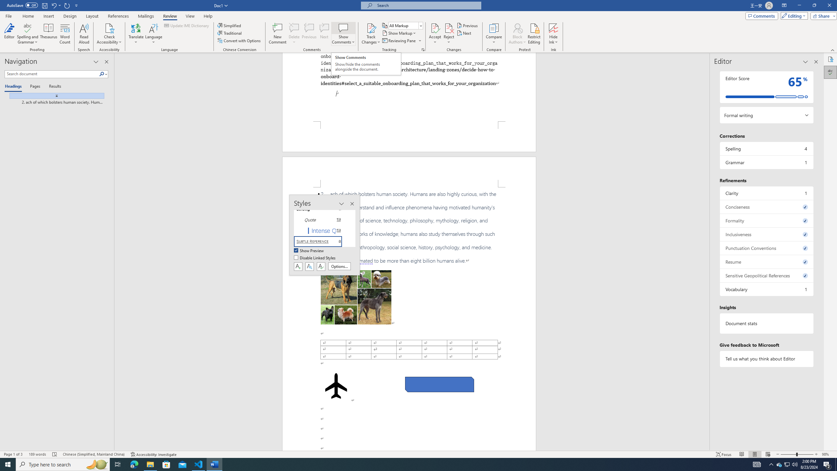  Describe the element at coordinates (109, 34) in the screenshot. I see `'Check Accessibility'` at that location.